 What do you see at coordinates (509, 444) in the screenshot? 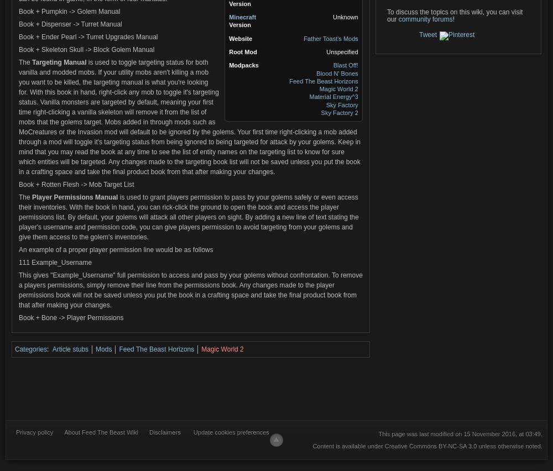
I see `'unless otherwise noted.'` at bounding box center [509, 444].